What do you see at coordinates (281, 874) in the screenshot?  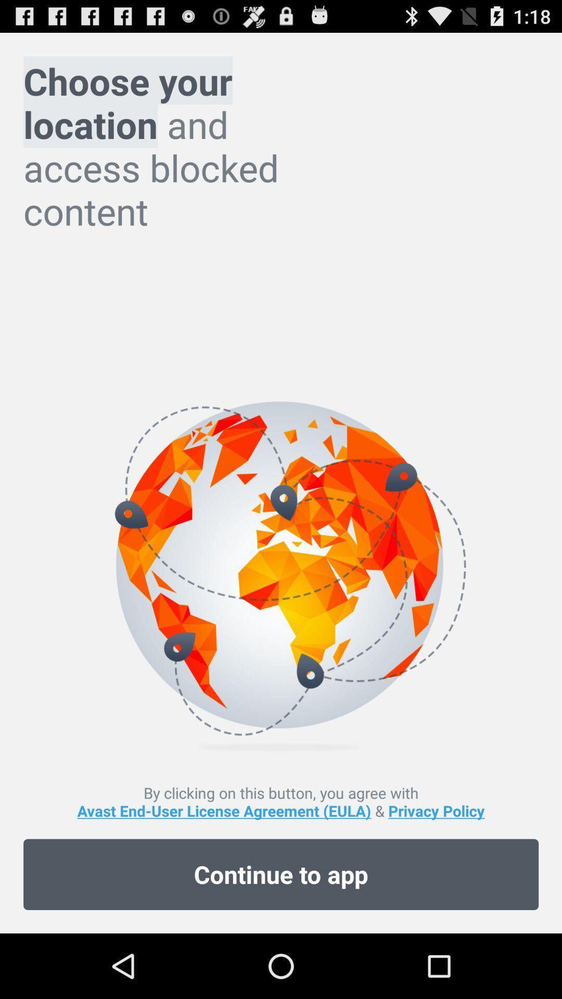 I see `continue to app item` at bounding box center [281, 874].